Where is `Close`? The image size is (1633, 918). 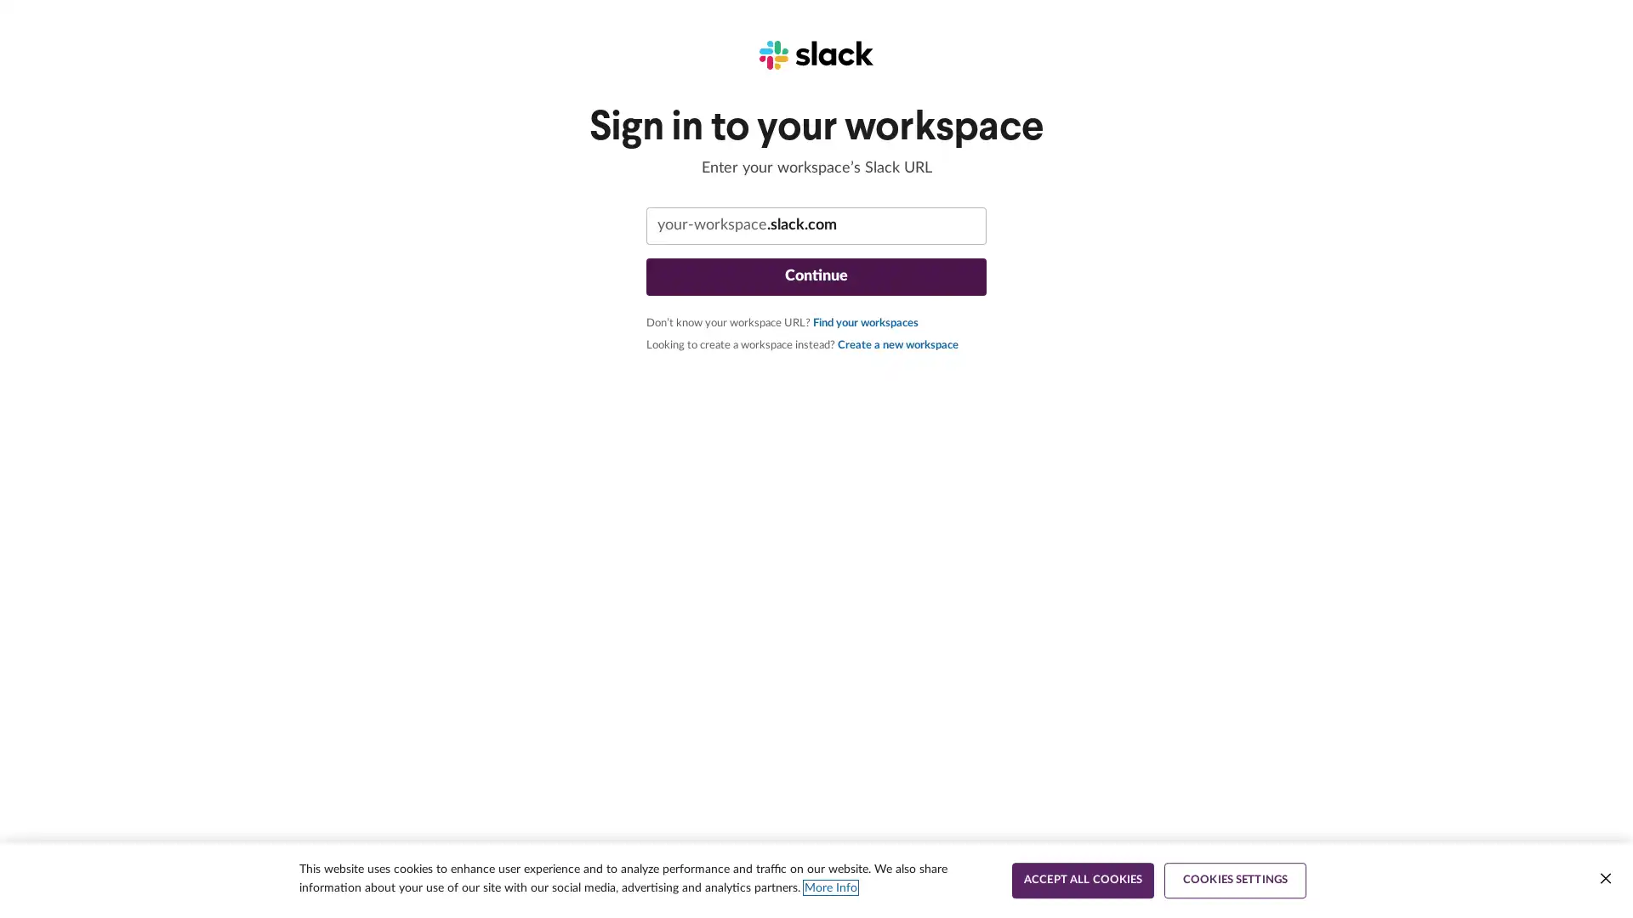
Close is located at coordinates (1604, 878).